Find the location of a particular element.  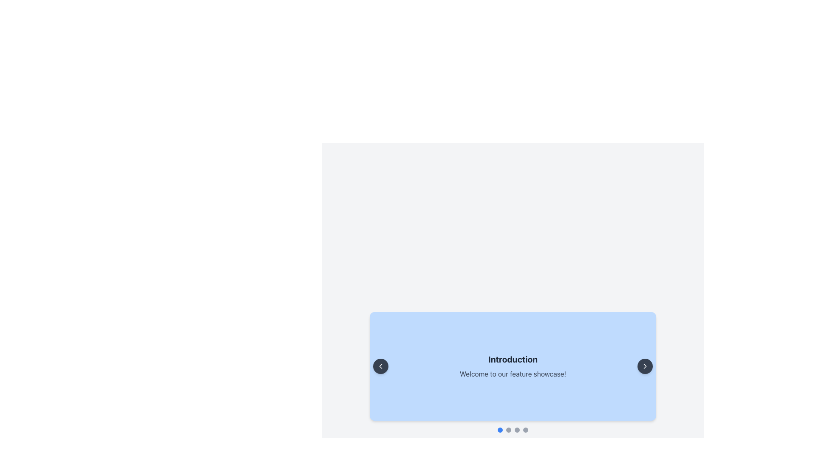

the current position indicated by the blue dot in the horizontal arrangement of four circular indicators, where the first circle is blue and the others are gray is located at coordinates (512, 430).